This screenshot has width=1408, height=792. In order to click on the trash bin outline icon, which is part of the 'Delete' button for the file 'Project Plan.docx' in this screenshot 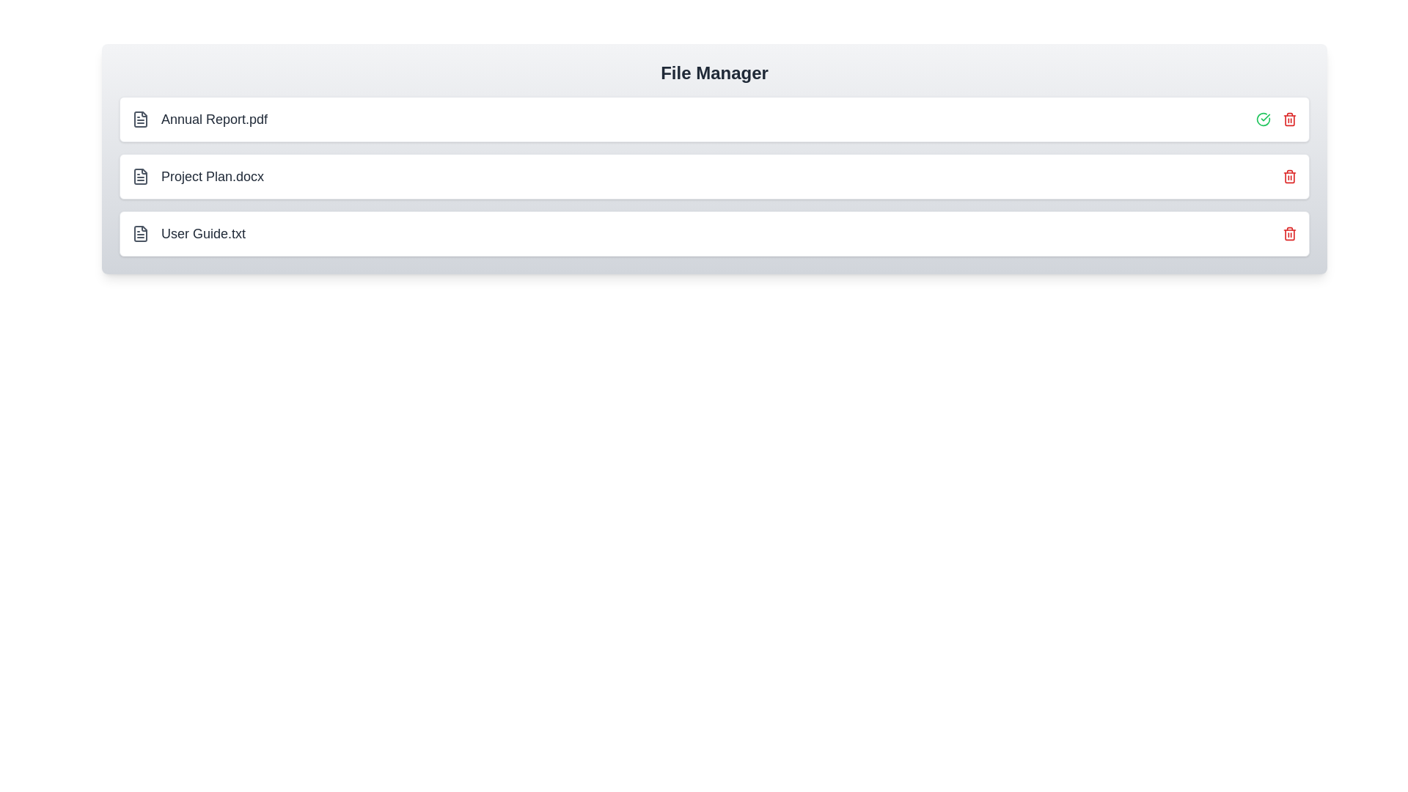, I will do `click(1288, 177)`.